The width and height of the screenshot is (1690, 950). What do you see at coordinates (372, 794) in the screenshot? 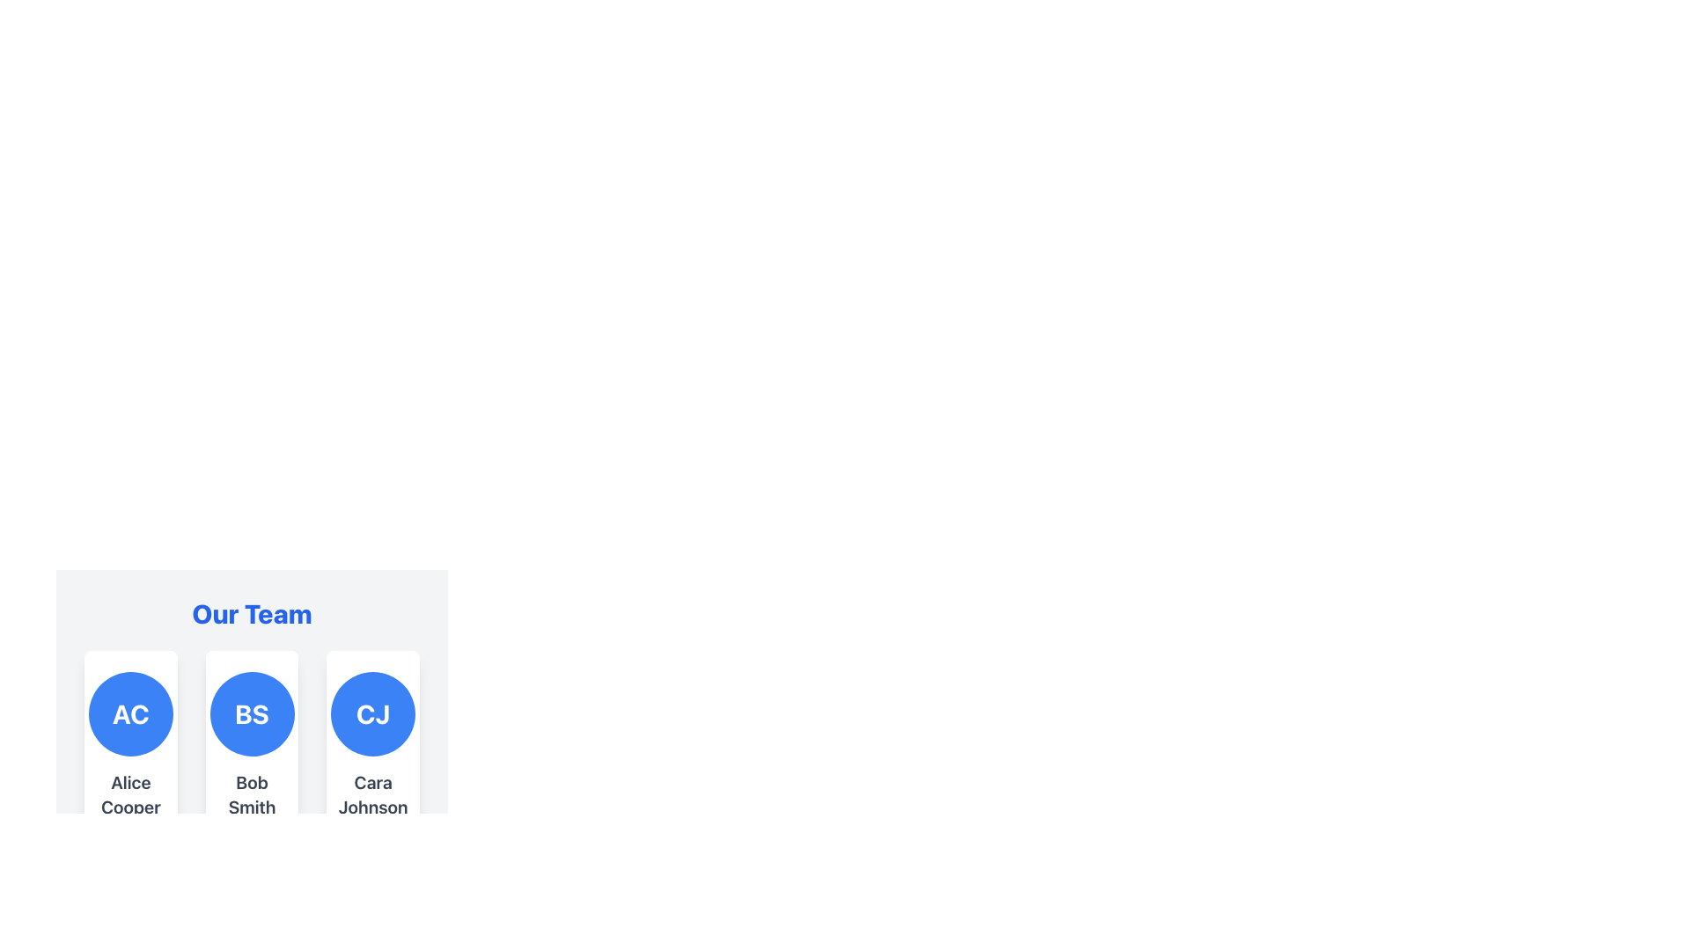
I see `identification label 'Cara Johnson' displayed in the team member profile card, located in the bottom-right section under the card featuring 'CJ'` at bounding box center [372, 794].